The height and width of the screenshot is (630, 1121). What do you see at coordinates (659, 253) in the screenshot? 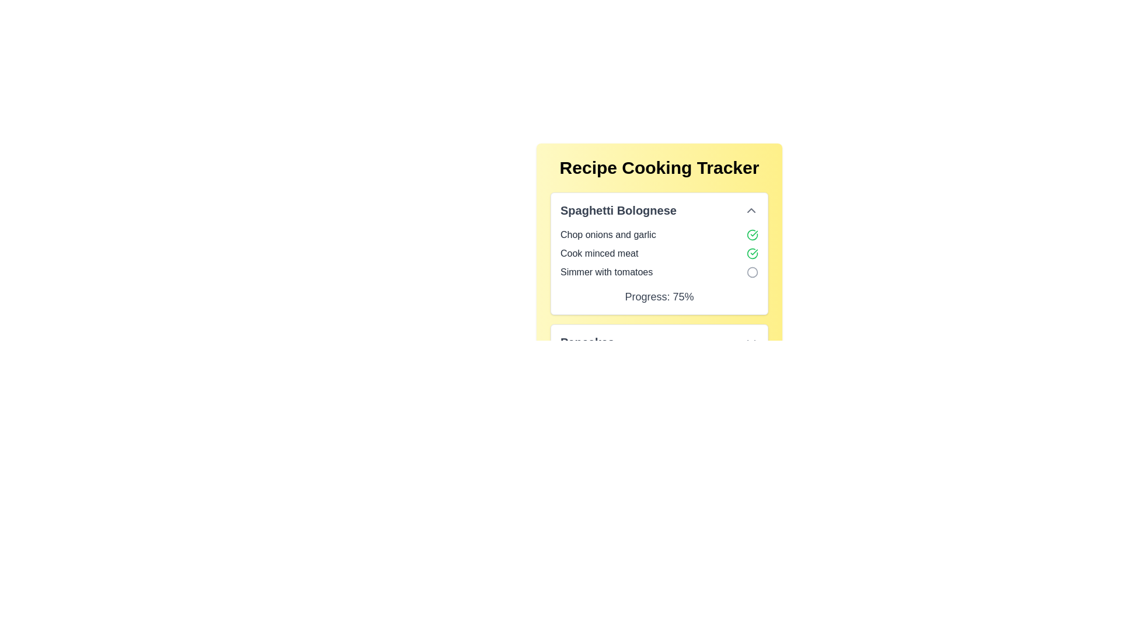
I see `the status indicator of the completed task in the to-do list for the recipe, which is the second item in a vertical list between 'Chop onions and garlic' and 'Simmer with tomatoes'` at bounding box center [659, 253].